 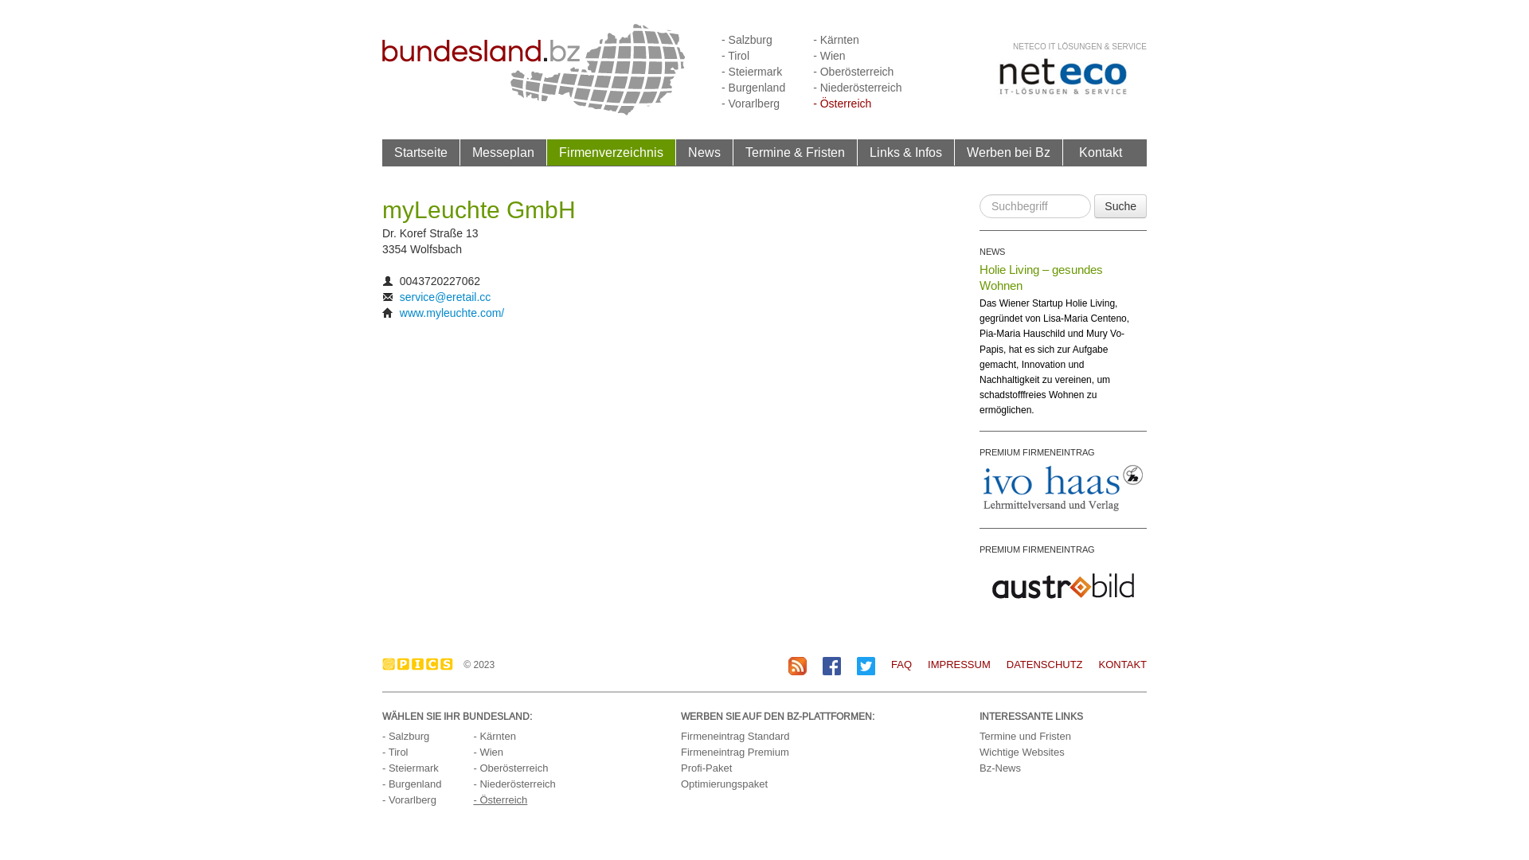 I want to click on 'RSS-Feed Abonnieren', so click(x=797, y=664).